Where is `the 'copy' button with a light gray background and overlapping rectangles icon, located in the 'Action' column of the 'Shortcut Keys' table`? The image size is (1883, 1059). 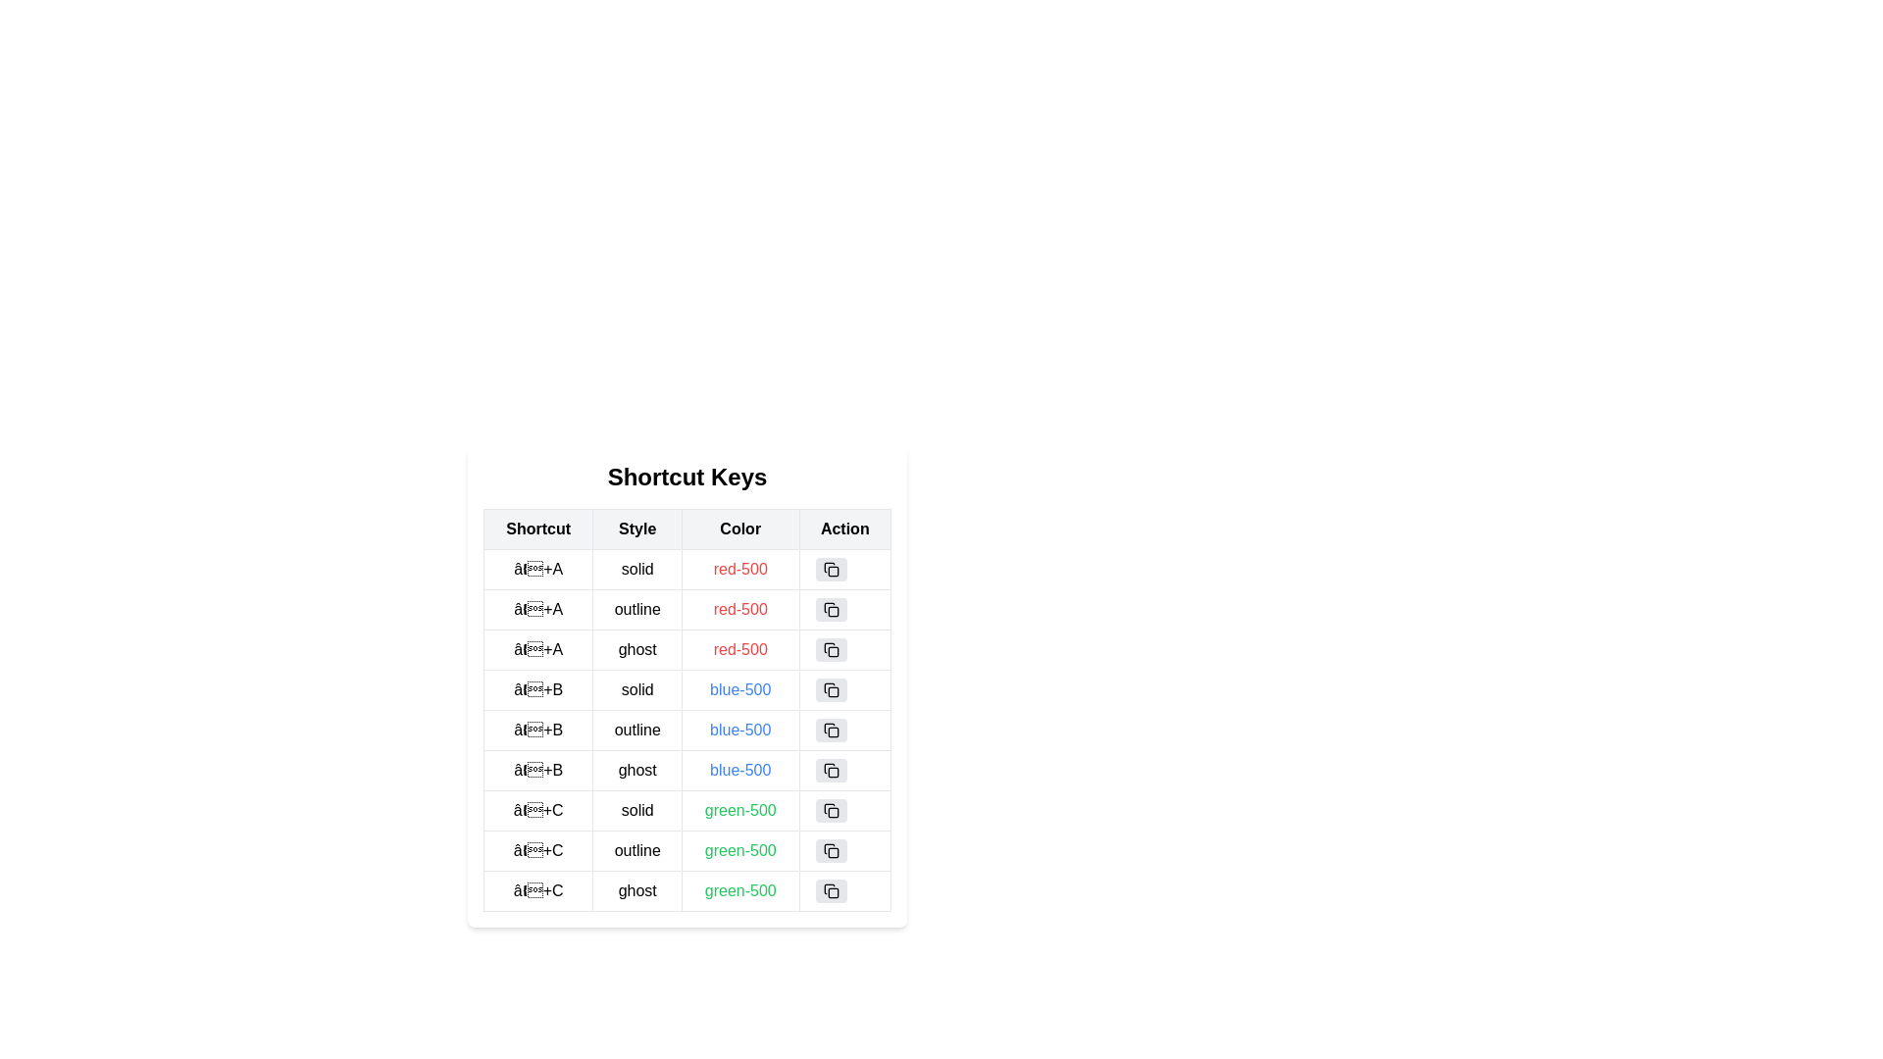
the 'copy' button with a light gray background and overlapping rectangles icon, located in the 'Action' column of the 'Shortcut Keys' table is located at coordinates (831, 570).